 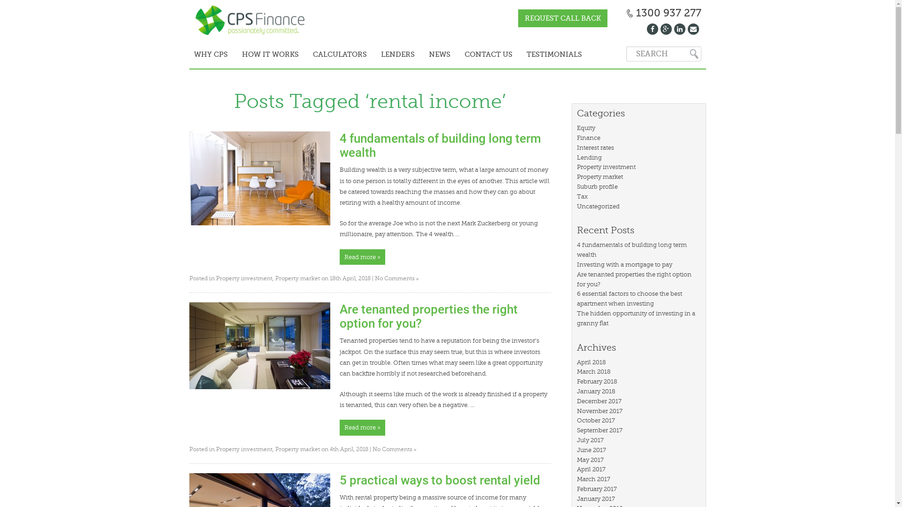 I want to click on 'Investing with a mortgage to pay', so click(x=624, y=264).